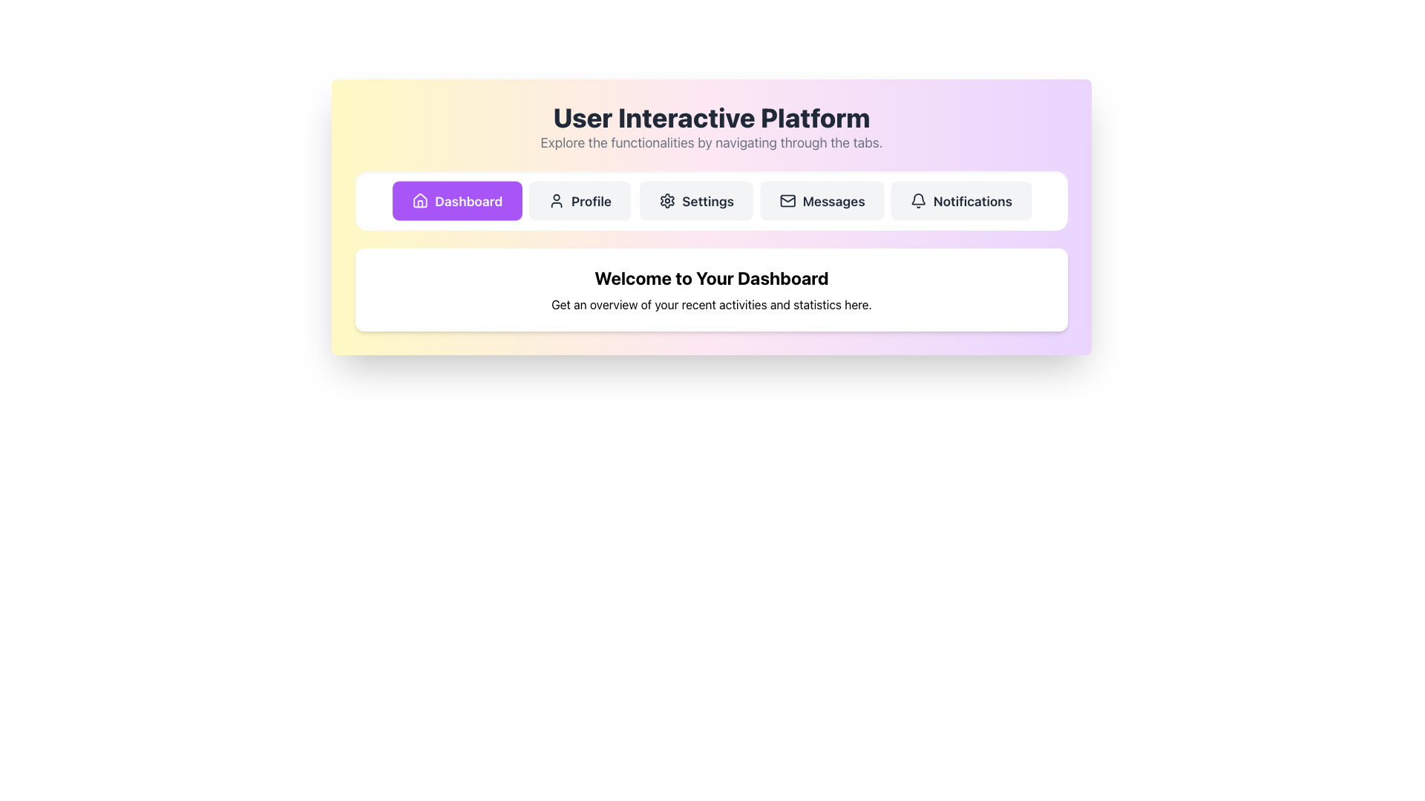 This screenshot has height=801, width=1425. What do you see at coordinates (961, 200) in the screenshot?
I see `the 'Notifications' button, which is the fifth item in the horizontal navigation bar` at bounding box center [961, 200].